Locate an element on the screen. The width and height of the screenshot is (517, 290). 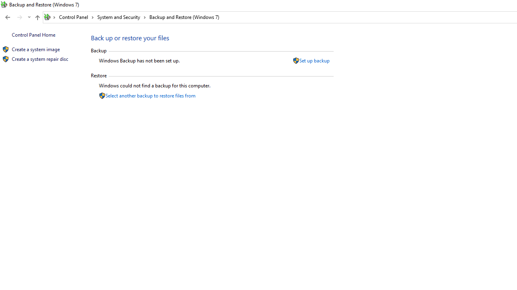
'Navigation buttons' is located at coordinates (17, 17).